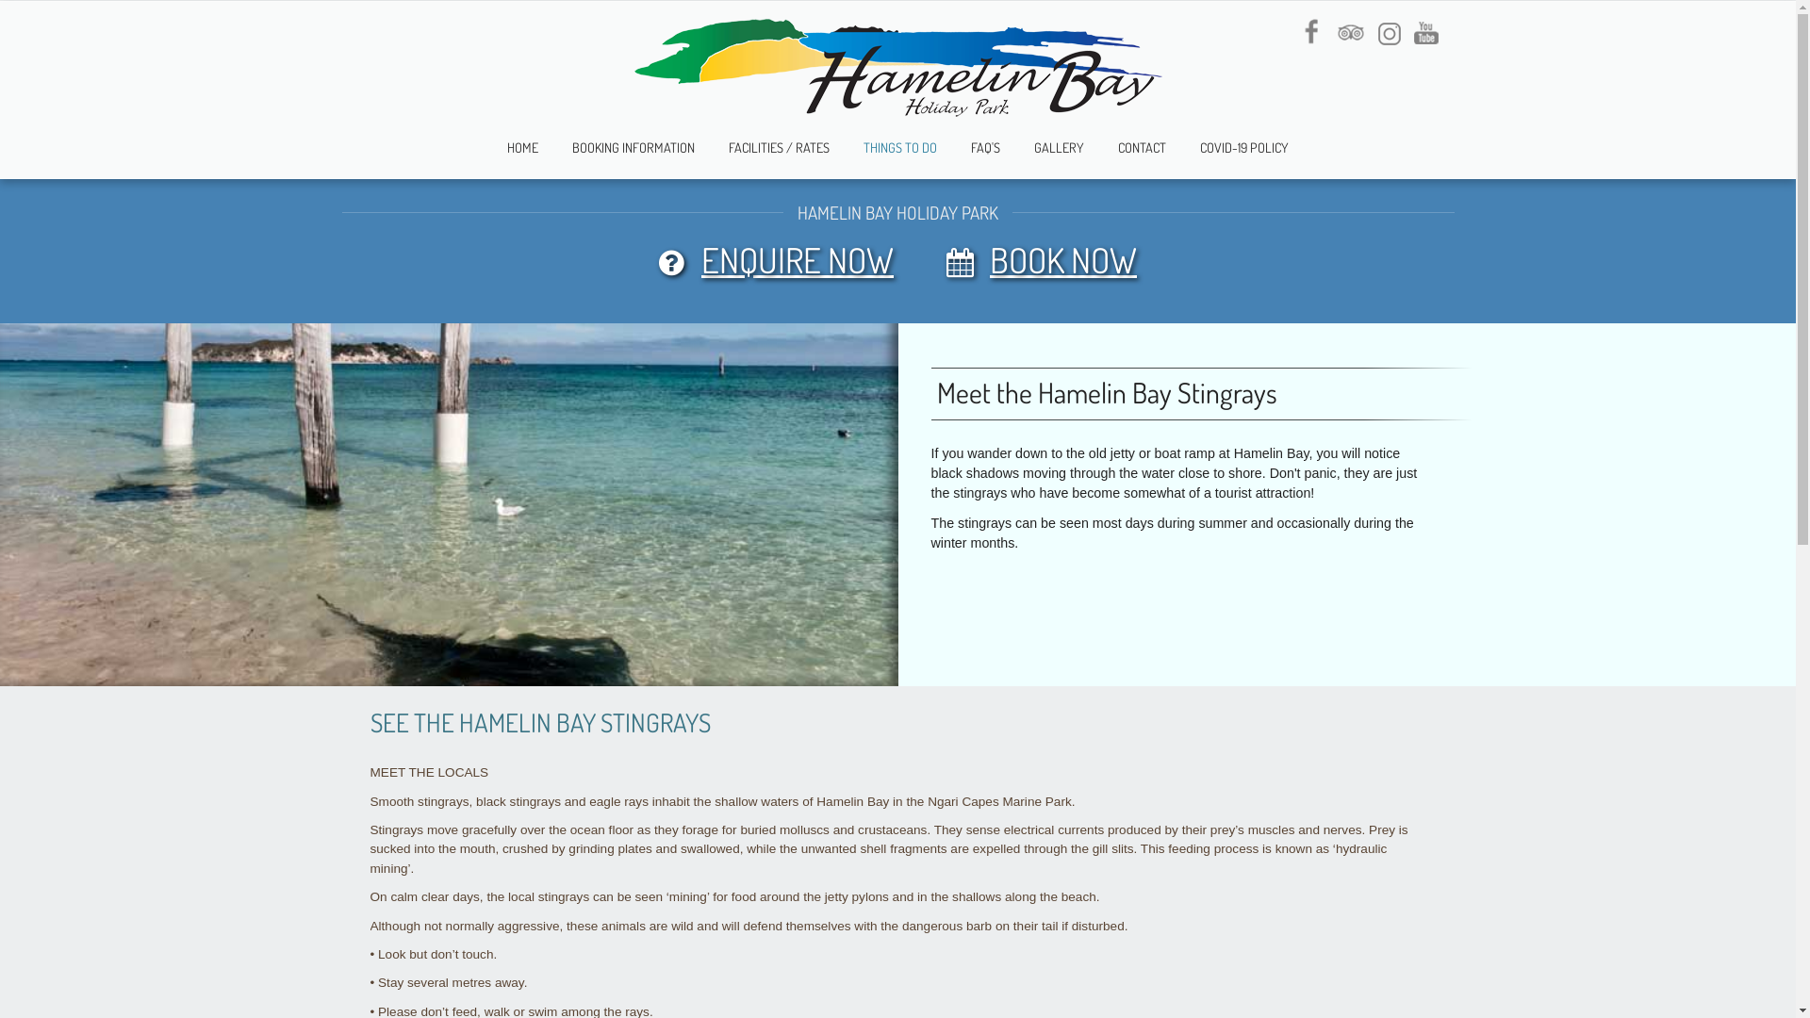  What do you see at coordinates (779, 151) in the screenshot?
I see `'FACILITIES / RATES'` at bounding box center [779, 151].